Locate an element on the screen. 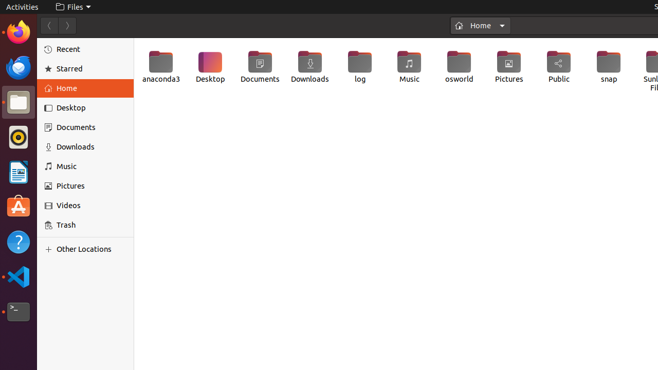  'Videos' is located at coordinates (92, 206).